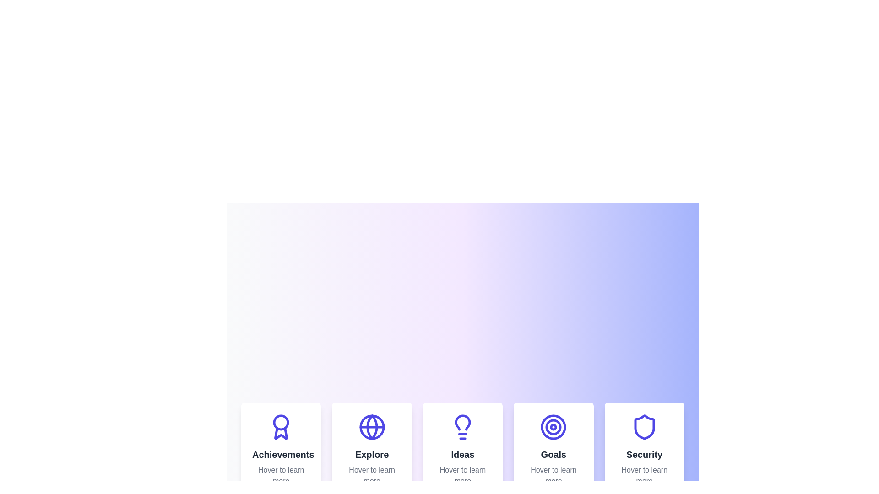 This screenshot has width=879, height=494. What do you see at coordinates (644, 475) in the screenshot?
I see `the supplementary information Text label located beneath the 'Security' title in the rightmost card containing a shield icon` at bounding box center [644, 475].